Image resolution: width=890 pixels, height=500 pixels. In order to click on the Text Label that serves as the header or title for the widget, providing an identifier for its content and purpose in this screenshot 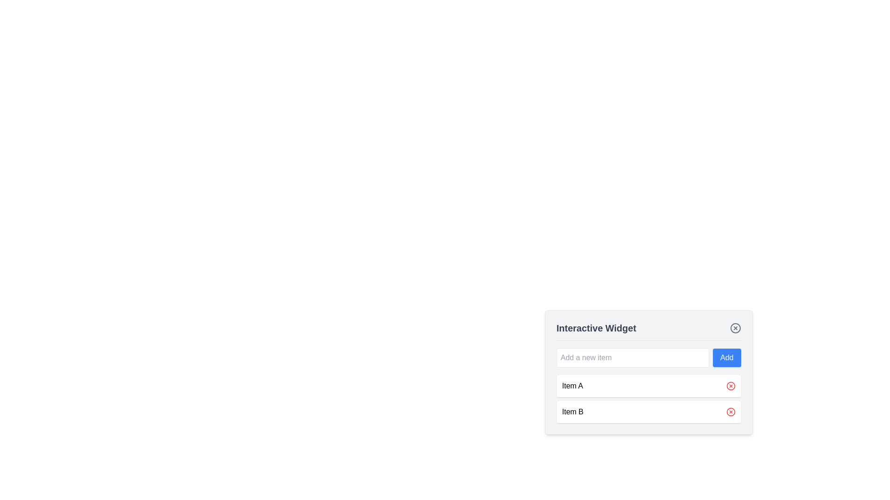, I will do `click(596, 328)`.